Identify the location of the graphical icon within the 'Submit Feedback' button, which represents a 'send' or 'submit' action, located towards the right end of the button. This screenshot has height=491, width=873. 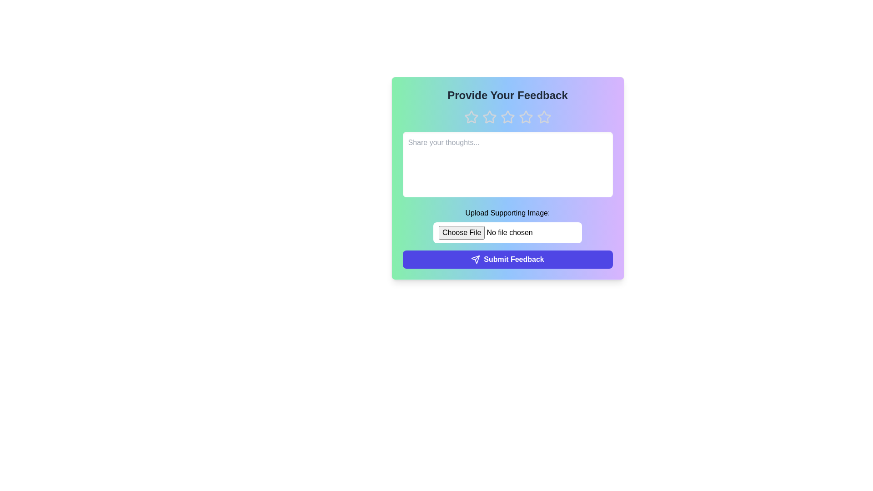
(475, 259).